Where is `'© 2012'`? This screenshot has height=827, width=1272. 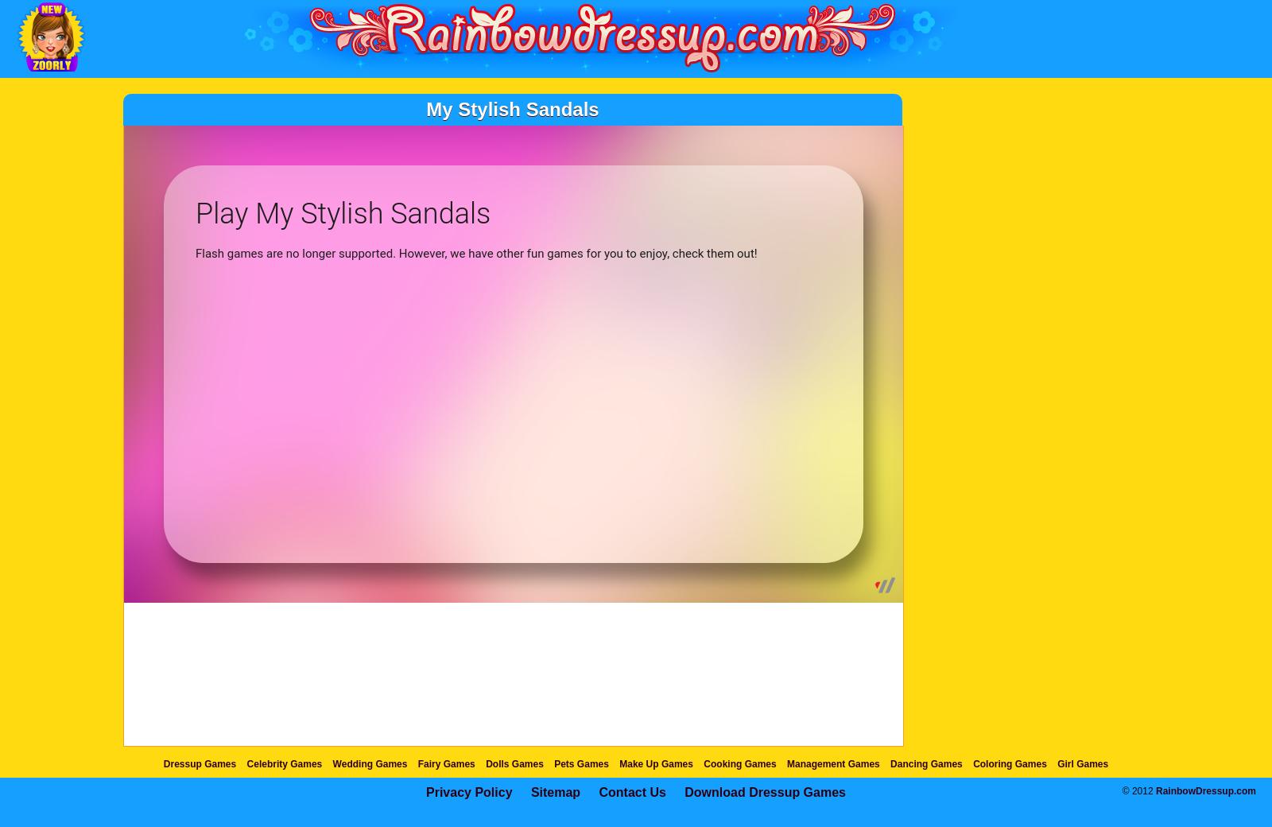 '© 2012' is located at coordinates (1138, 790).